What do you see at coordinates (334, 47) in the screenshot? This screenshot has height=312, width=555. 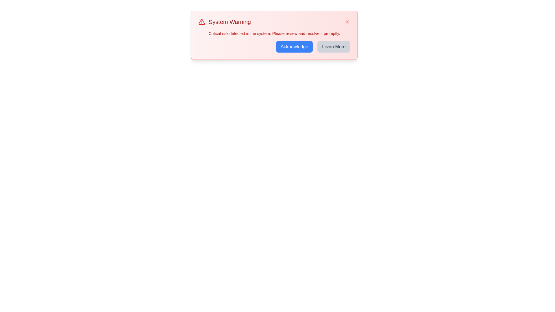 I see `'Learn More' button to gather additional information about the issue` at bounding box center [334, 47].